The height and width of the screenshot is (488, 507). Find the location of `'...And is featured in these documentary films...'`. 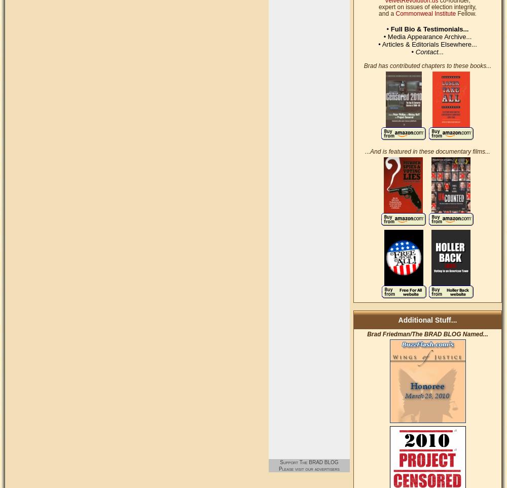

'...And is featured in these documentary films...' is located at coordinates (427, 151).